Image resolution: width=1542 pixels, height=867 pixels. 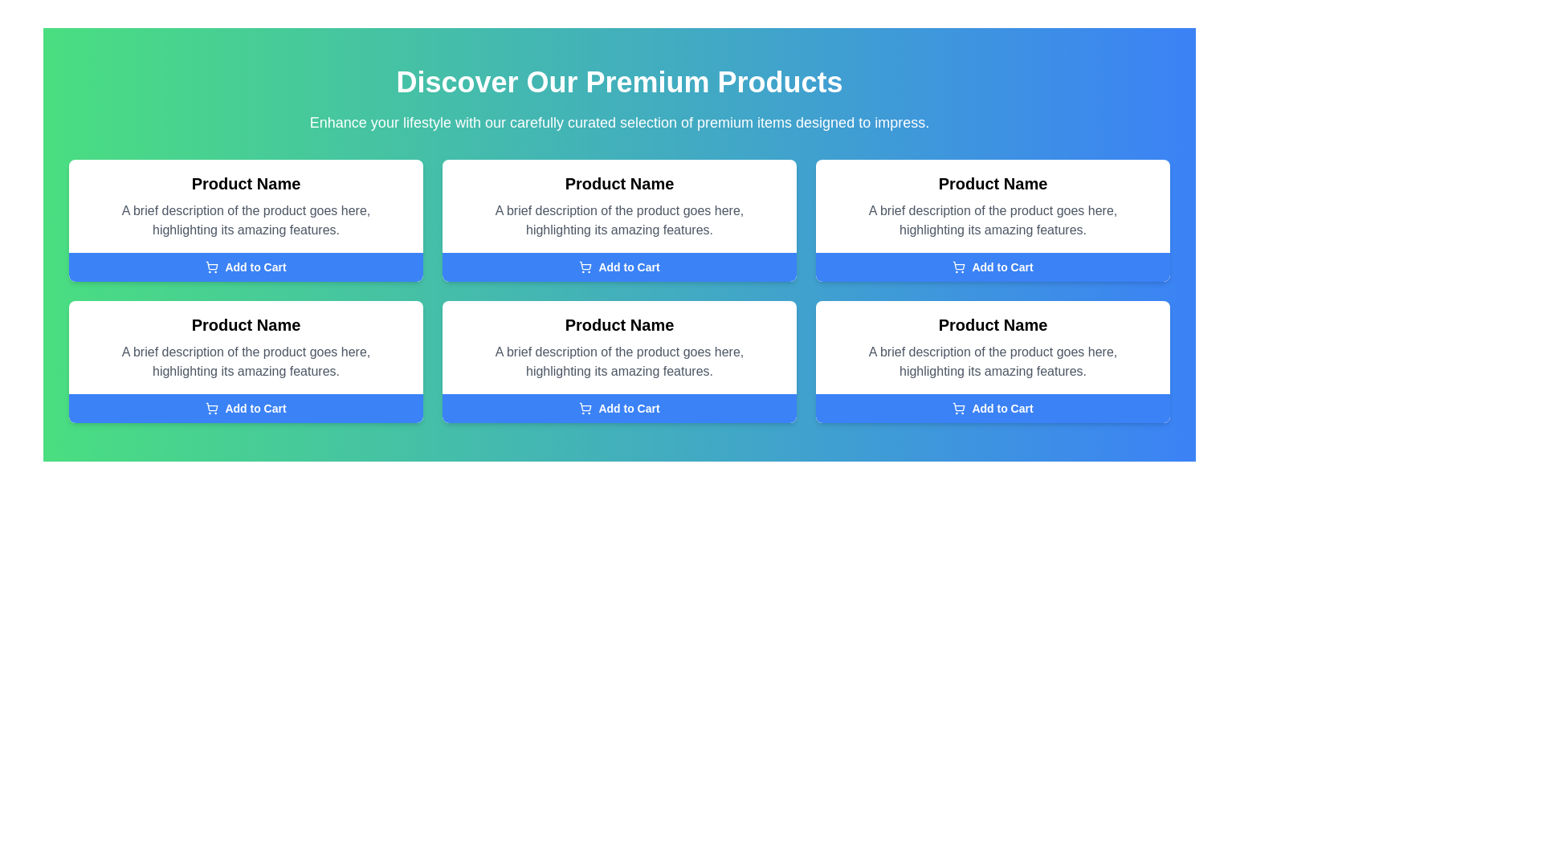 What do you see at coordinates (211, 266) in the screenshot?
I see `the shopping cart icon located on the leftmost side of the 'Add to Cart' button` at bounding box center [211, 266].